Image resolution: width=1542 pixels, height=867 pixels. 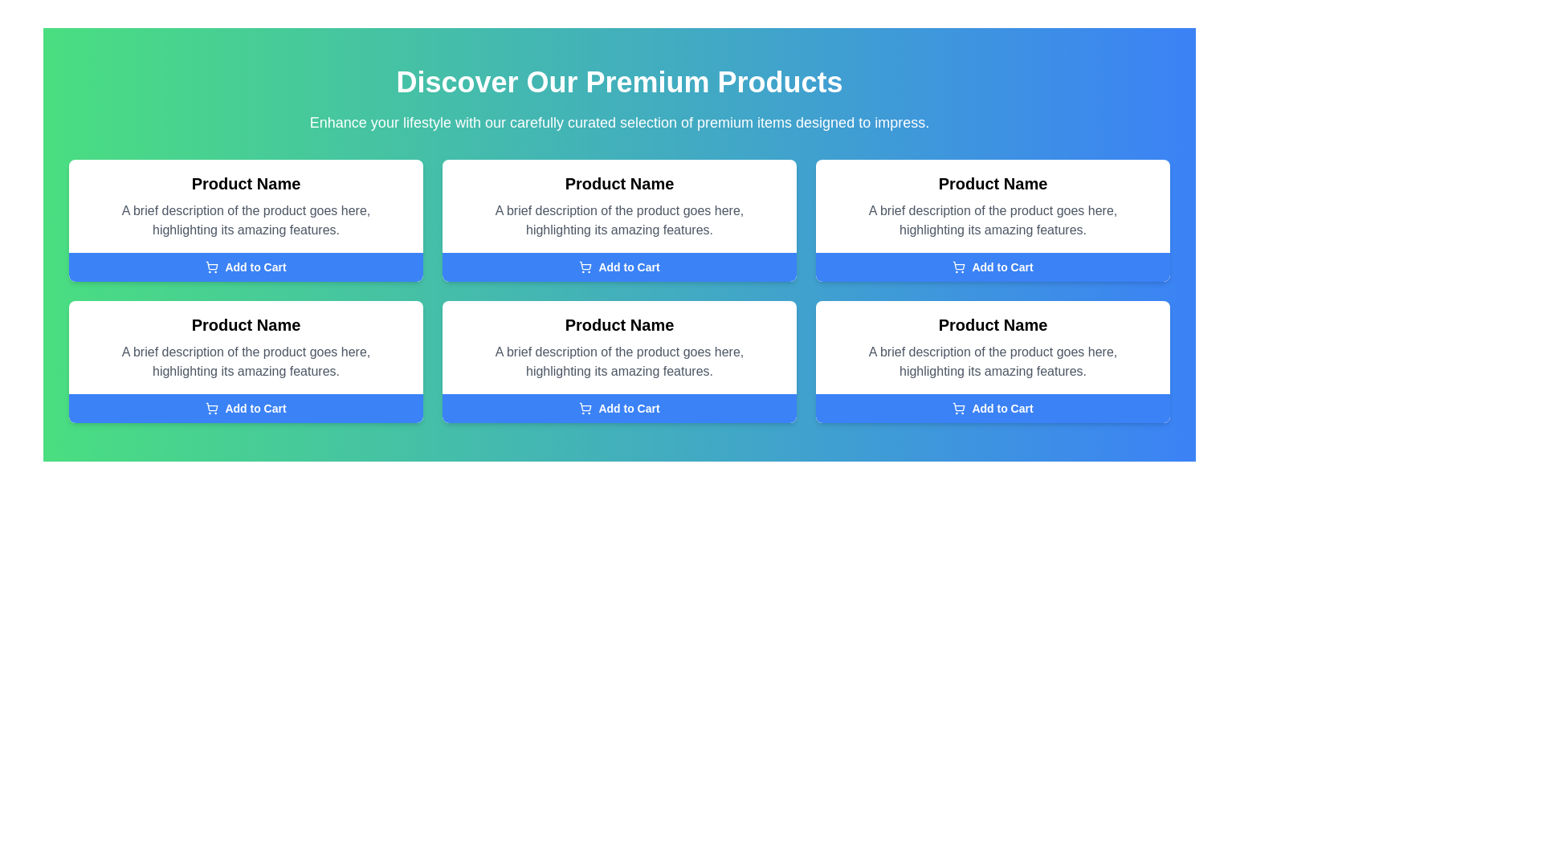 What do you see at coordinates (211, 266) in the screenshot?
I see `the shopping cart icon located on the leftmost side of the 'Add to Cart' button` at bounding box center [211, 266].